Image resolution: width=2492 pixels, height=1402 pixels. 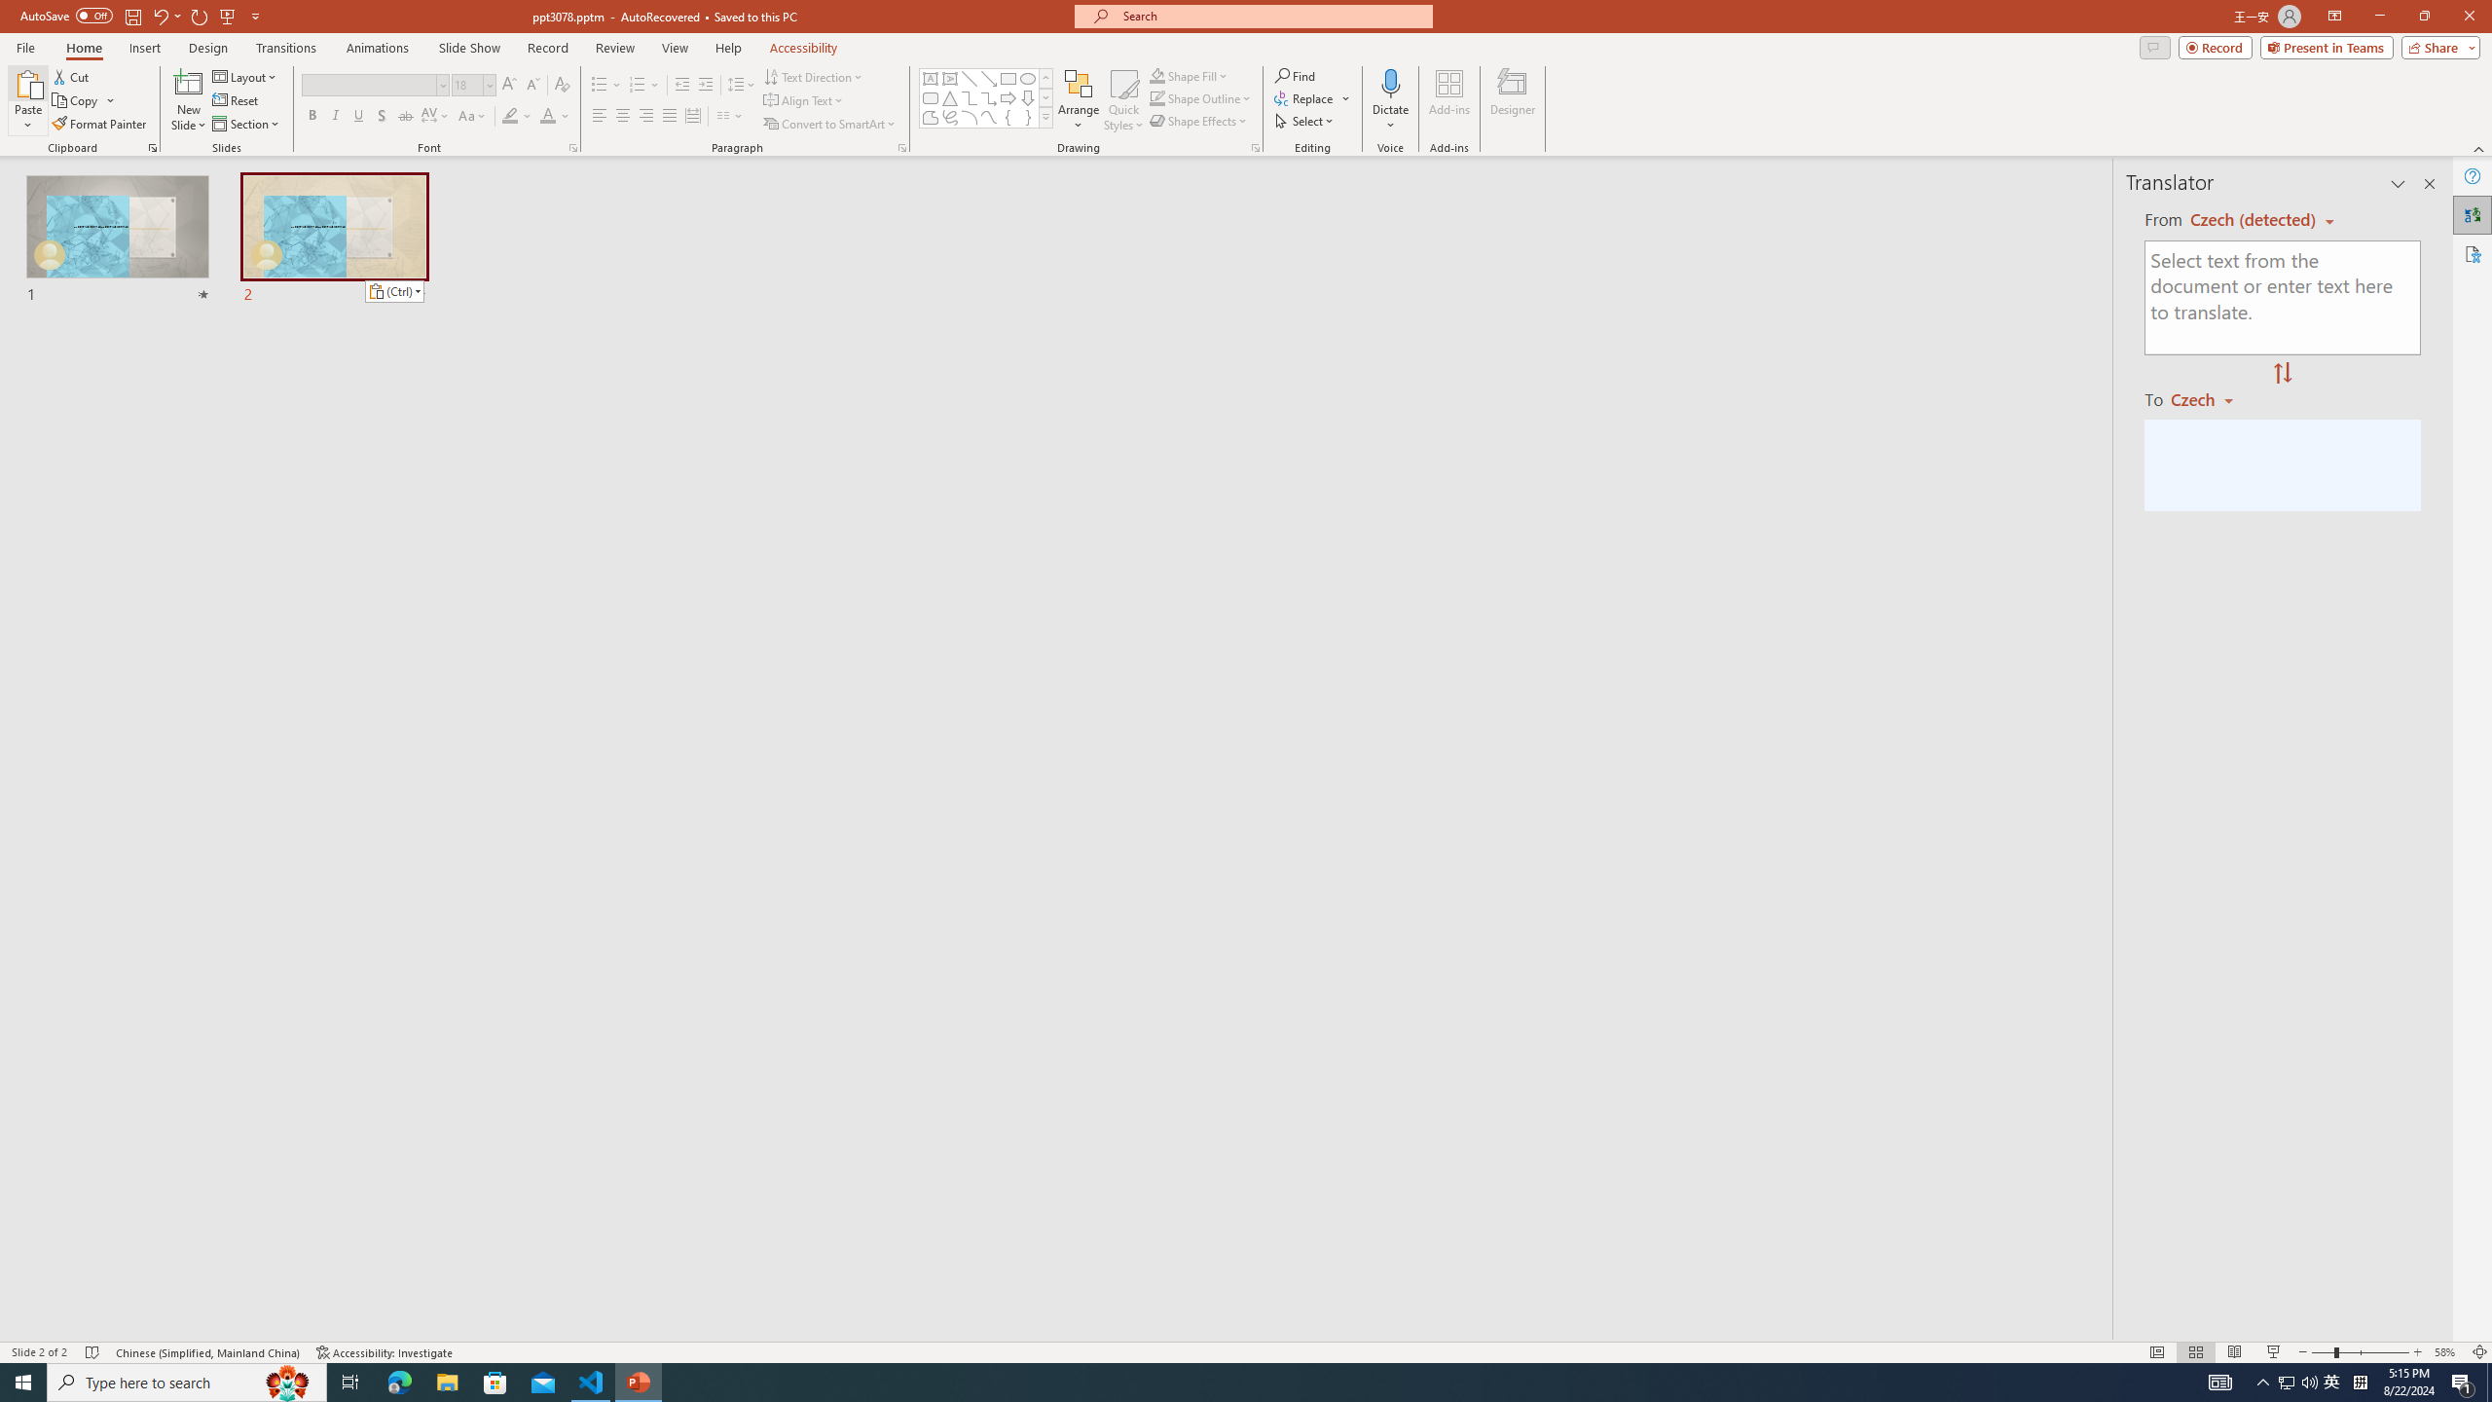 I want to click on 'Czech', so click(x=2210, y=398).